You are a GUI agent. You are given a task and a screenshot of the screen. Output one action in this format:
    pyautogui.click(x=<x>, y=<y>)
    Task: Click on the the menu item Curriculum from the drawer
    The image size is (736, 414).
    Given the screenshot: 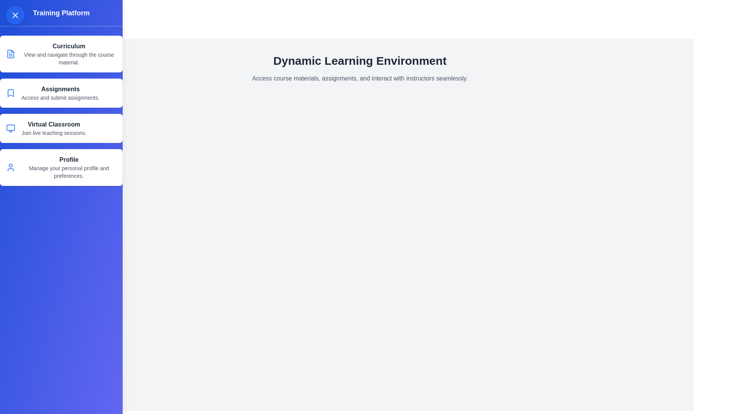 What is the action you would take?
    pyautogui.click(x=61, y=54)
    